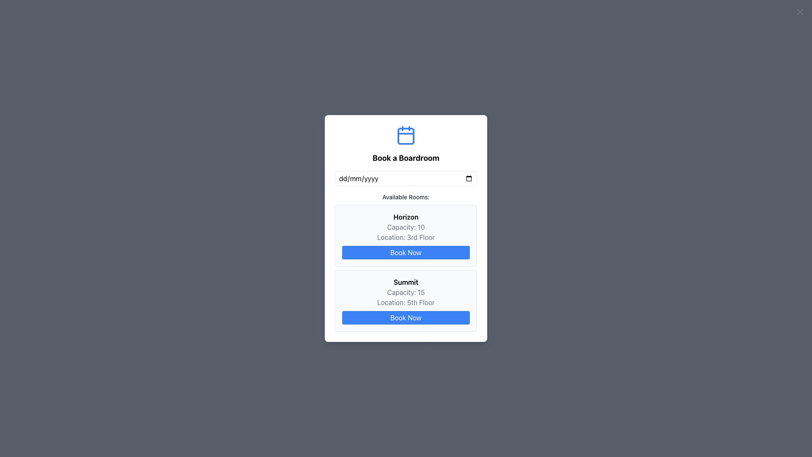 The image size is (812, 457). Describe the element at coordinates (406, 237) in the screenshot. I see `the static text label displaying 'Location: 3rd Floor', which is positioned below the 'Capacity: 10' label and above the 'Book Now' button in the room details card for the 'Horizon' boardroom` at that location.